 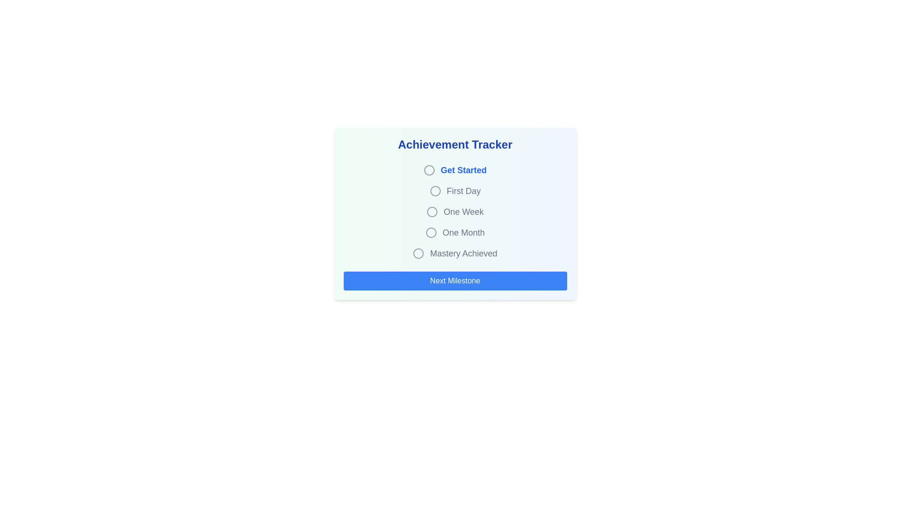 What do you see at coordinates (463, 211) in the screenshot?
I see `the text label that reads 'One Week', which is the third label in a vertical group of achievement tracker options` at bounding box center [463, 211].